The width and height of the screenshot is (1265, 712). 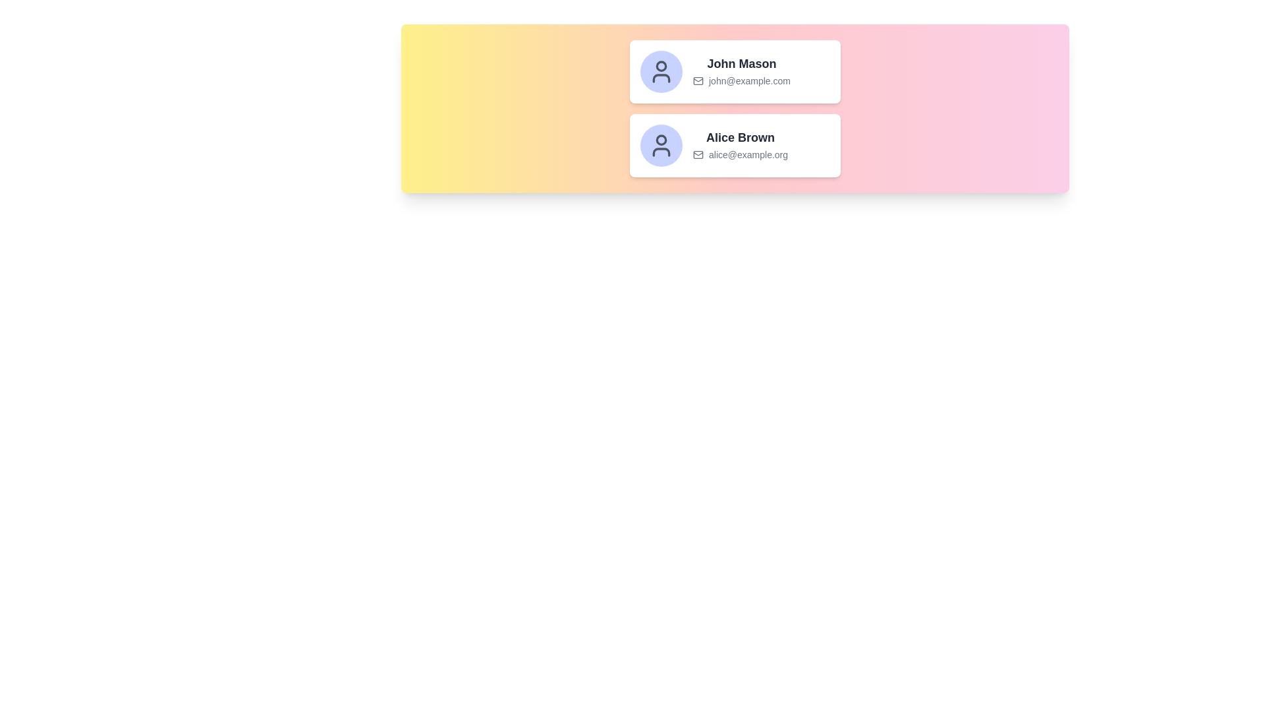 What do you see at coordinates (740, 137) in the screenshot?
I see `the user's name label, which is positioned in the middle-right of the card layout, above the email text 'alice@example.org' and to the right of the circular avatar icon` at bounding box center [740, 137].